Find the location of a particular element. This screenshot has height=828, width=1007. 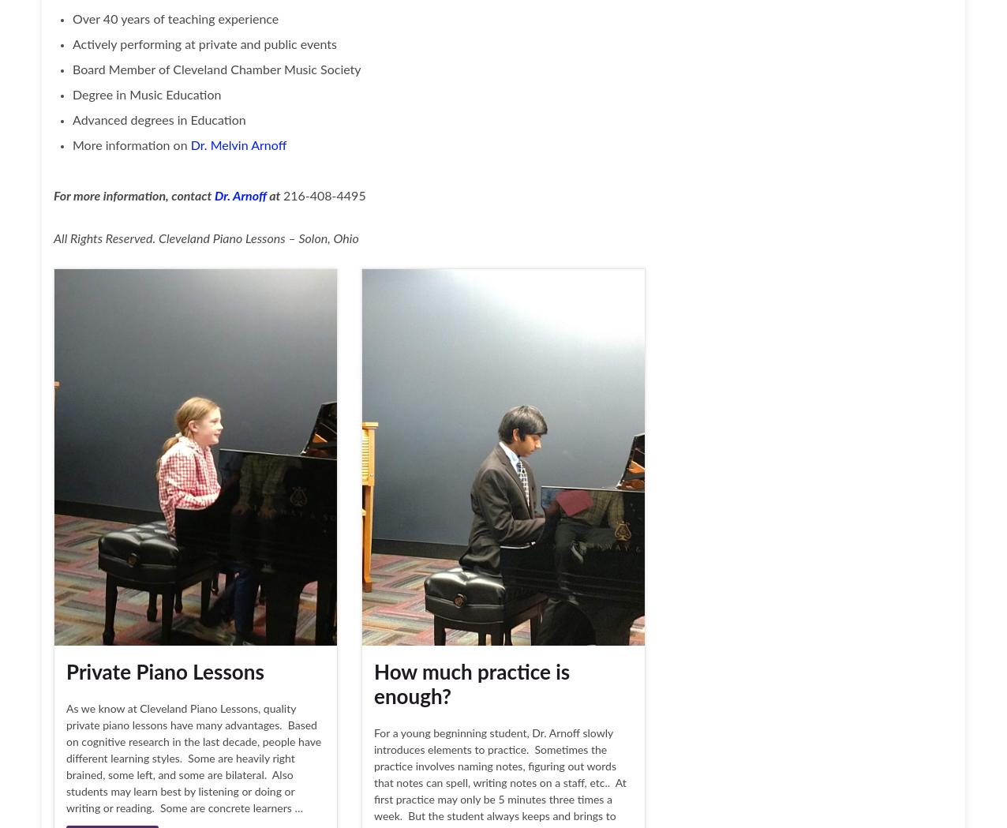

'All Rights Reserved. Cleveland Piano Lessons – Solon, Ohio' is located at coordinates (205, 238).